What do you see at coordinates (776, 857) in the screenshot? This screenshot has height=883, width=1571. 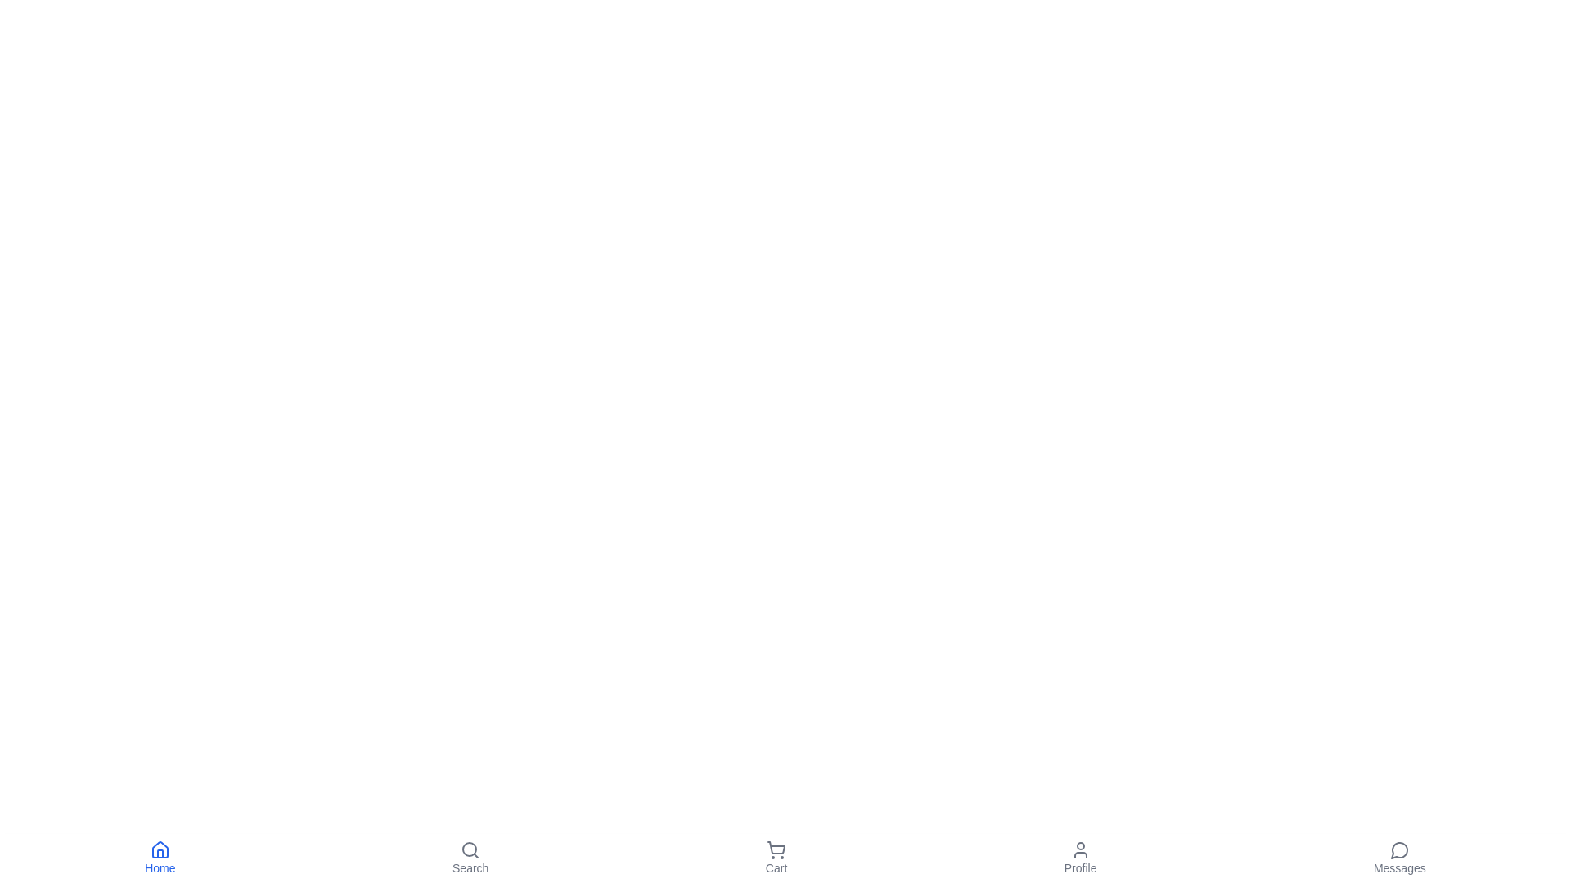 I see `the 'Cart' button in the bottom navigation bar` at bounding box center [776, 857].